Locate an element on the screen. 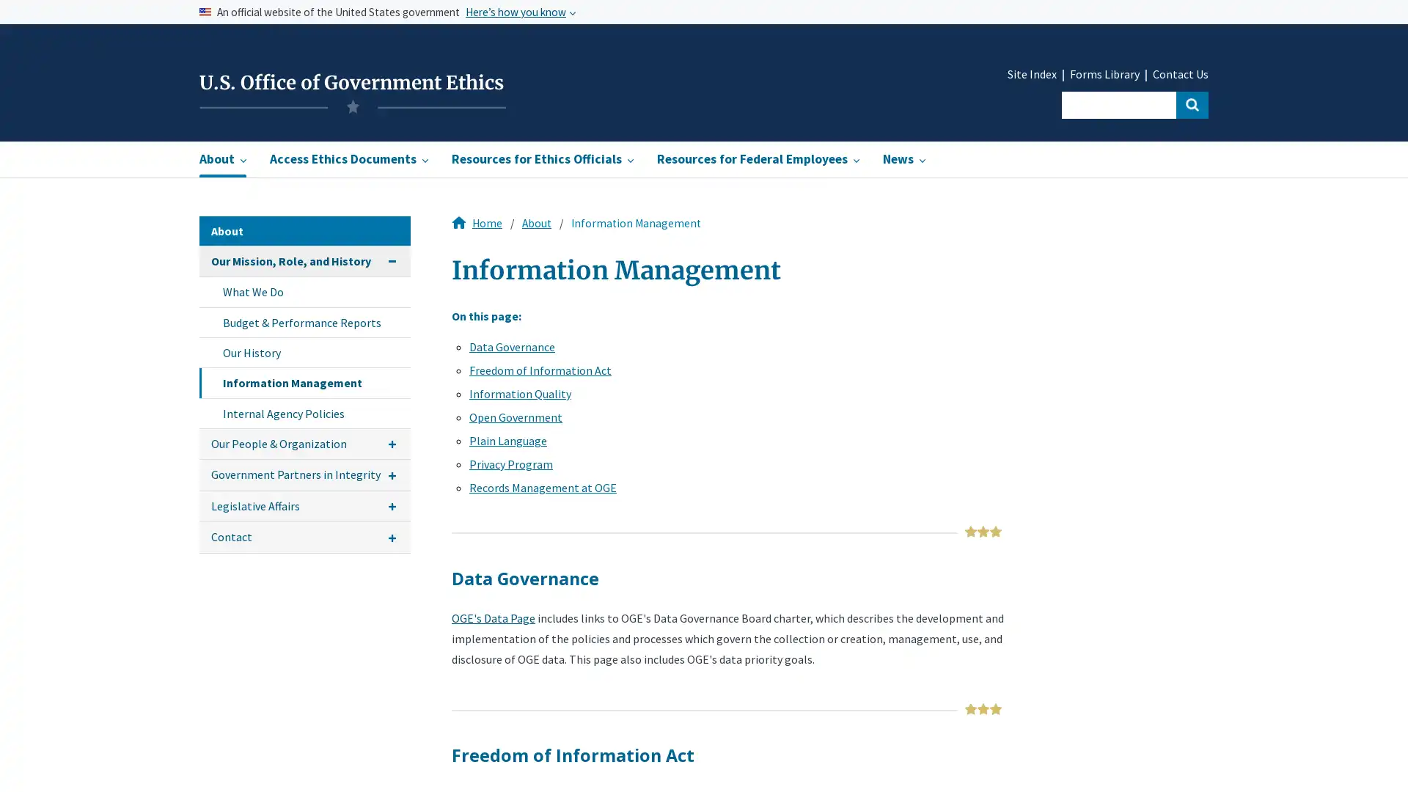 This screenshot has width=1408, height=792. Search is located at coordinates (1192, 103).